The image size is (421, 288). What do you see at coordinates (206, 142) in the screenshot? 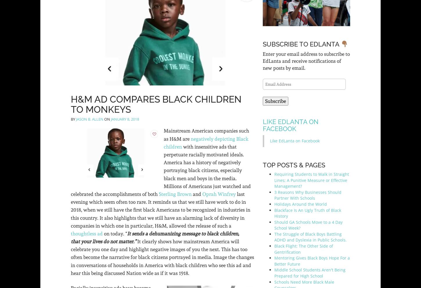
I see `'negatively depicting Black children'` at bounding box center [206, 142].